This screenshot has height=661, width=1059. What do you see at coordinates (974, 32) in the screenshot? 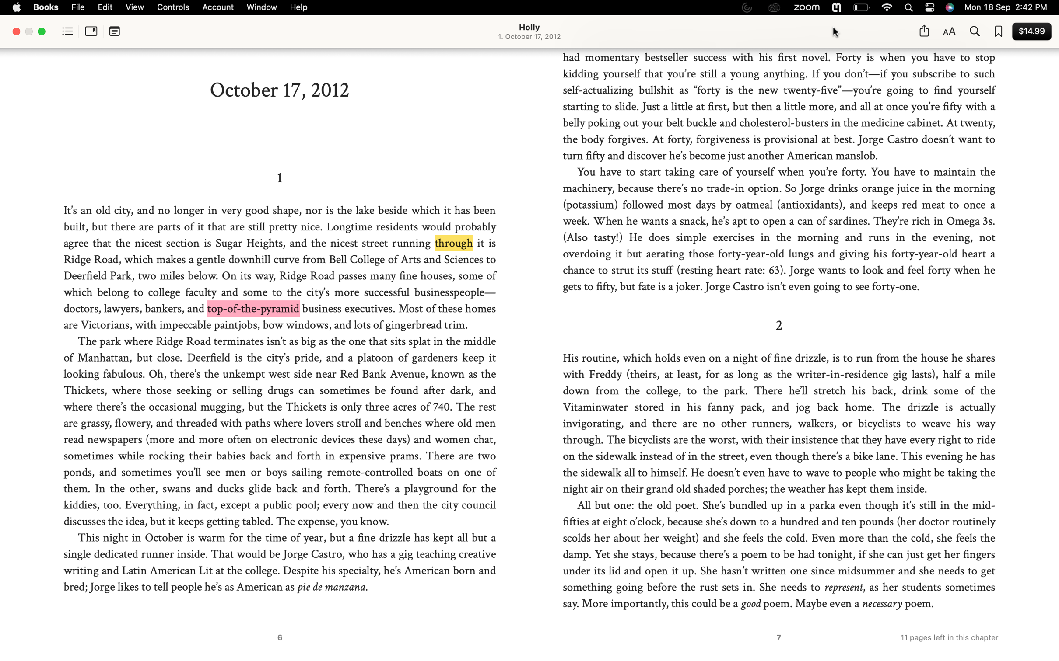
I see `Search for "angry" in the book` at bounding box center [974, 32].